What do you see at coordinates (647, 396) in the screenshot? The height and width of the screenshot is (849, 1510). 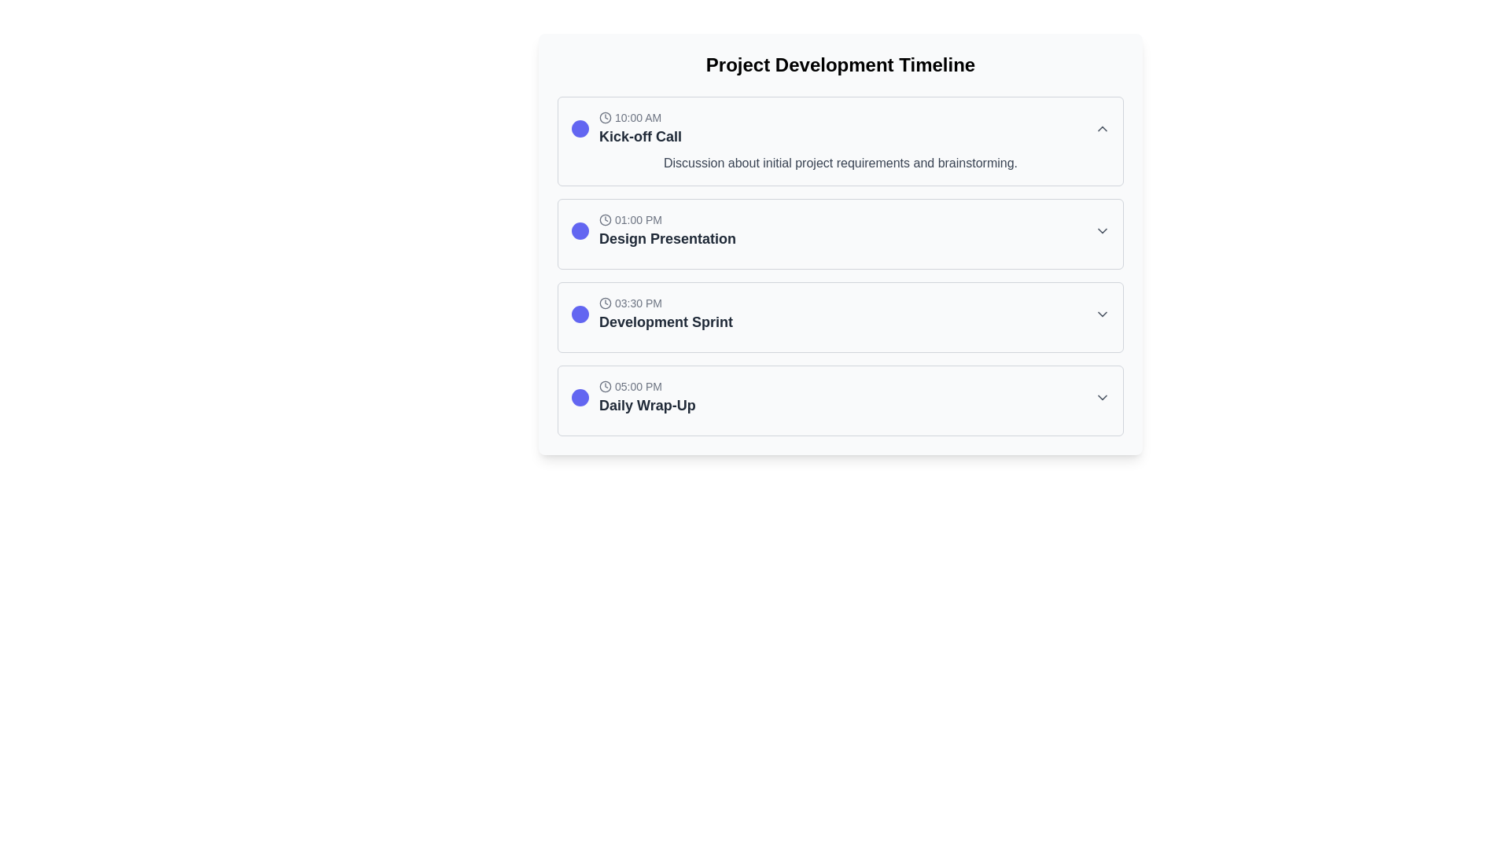 I see `the display label representing the scheduled event located as the fourth item in the vertical list of event entries, below the 'Development Sprint' item` at bounding box center [647, 396].